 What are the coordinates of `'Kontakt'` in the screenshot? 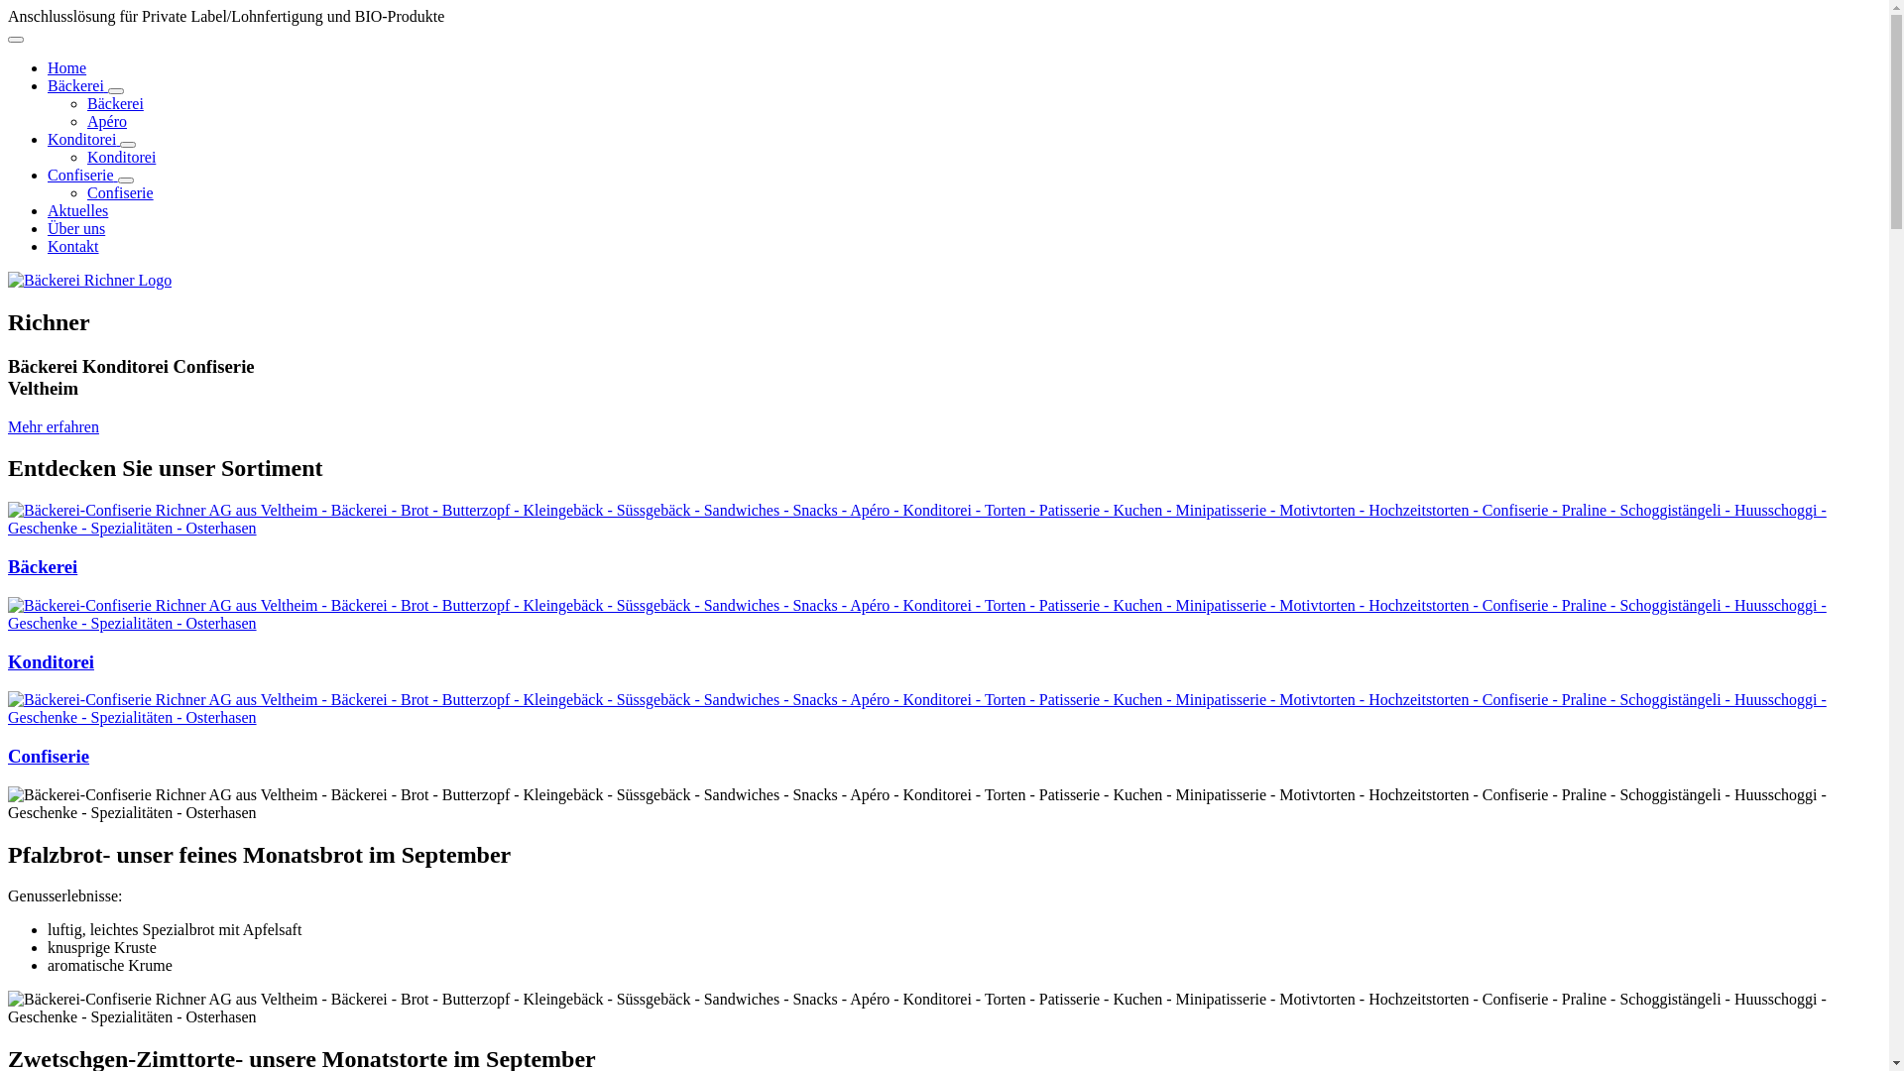 It's located at (48, 245).